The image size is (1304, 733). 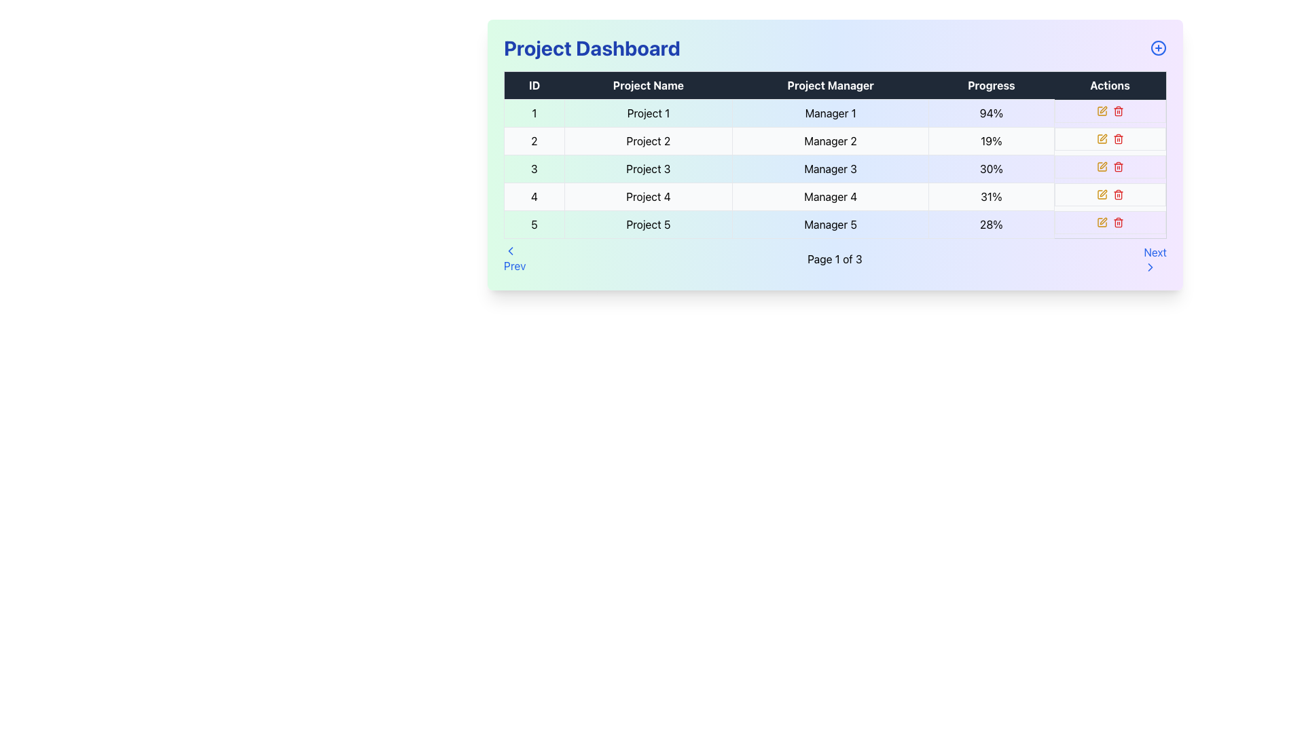 What do you see at coordinates (1103, 109) in the screenshot?
I see `the pencil icon in the fifth row under the 'Actions' column of the table to initiate editing` at bounding box center [1103, 109].